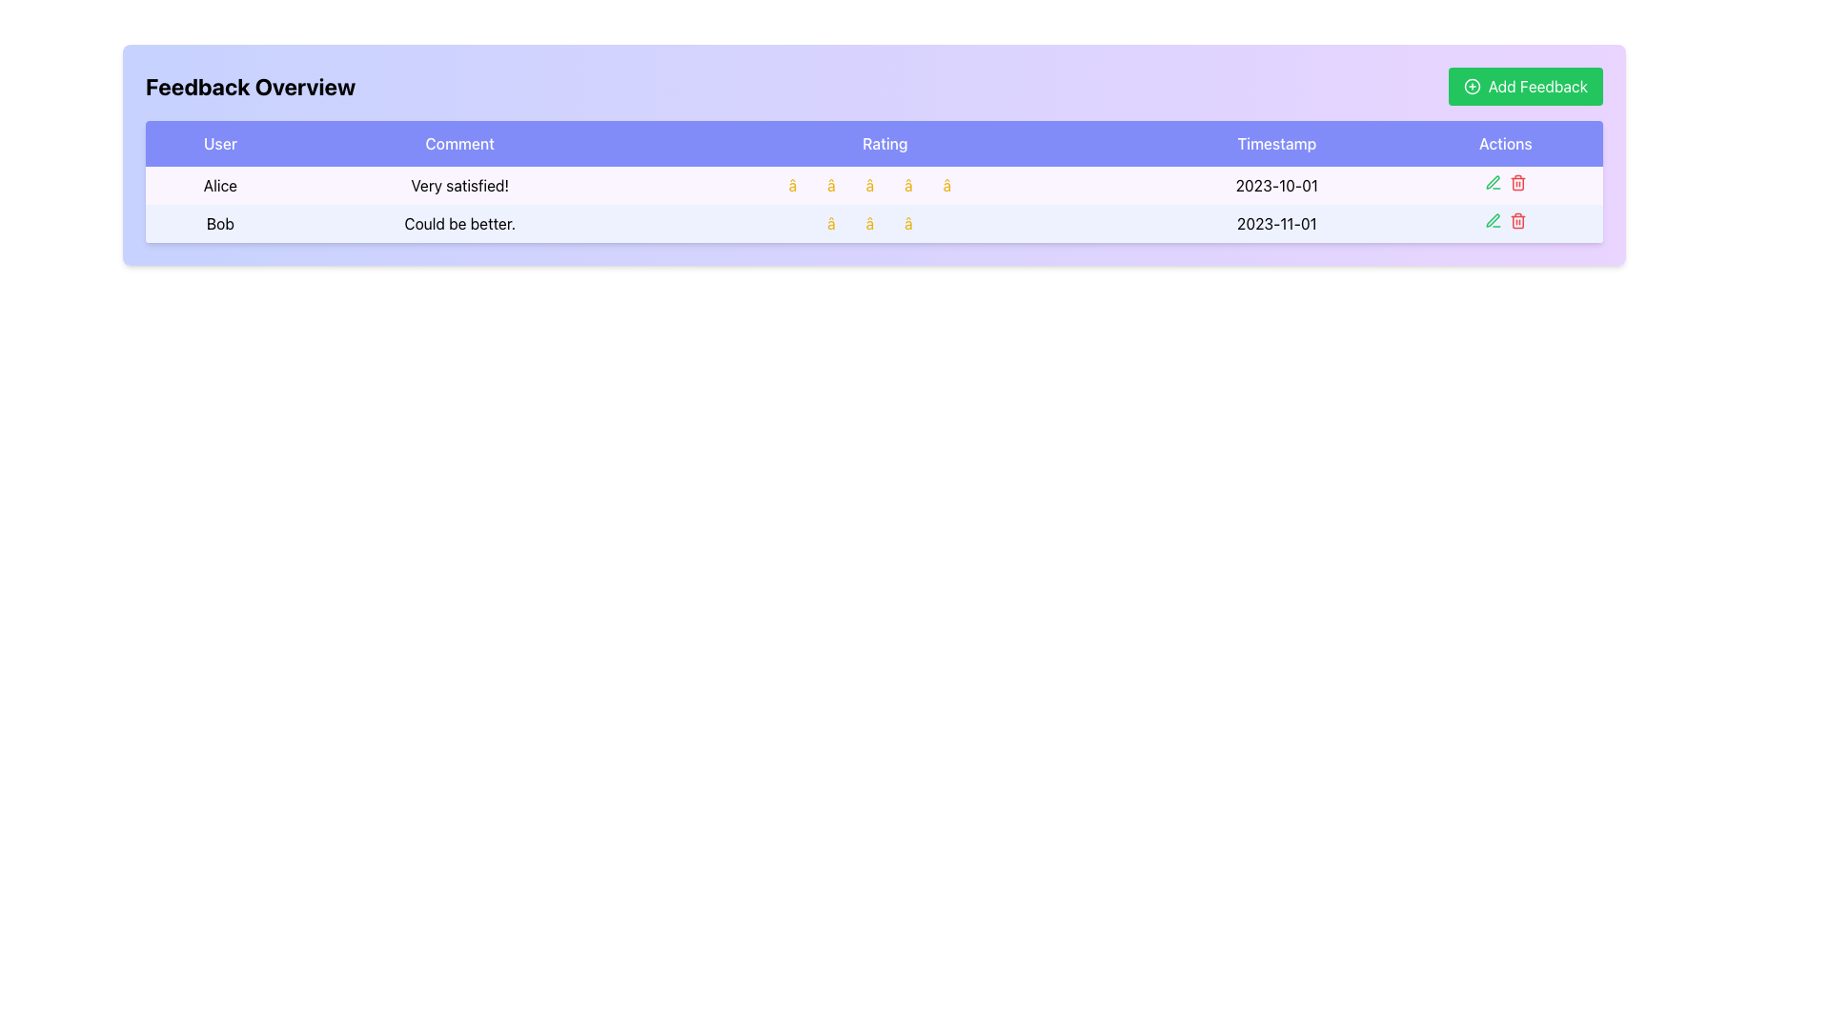 The height and width of the screenshot is (1029, 1830). I want to click on the Static Information Display consisting of three yellow star icons in the 'Rating' column of the second row in the feedback table, so click(884, 223).